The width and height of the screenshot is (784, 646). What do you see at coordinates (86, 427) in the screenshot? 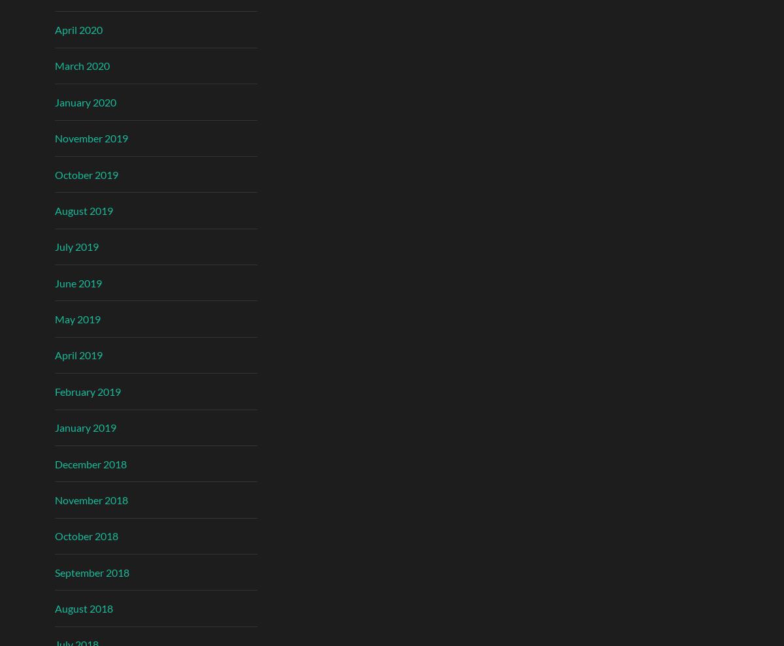
I see `'January 2019'` at bounding box center [86, 427].